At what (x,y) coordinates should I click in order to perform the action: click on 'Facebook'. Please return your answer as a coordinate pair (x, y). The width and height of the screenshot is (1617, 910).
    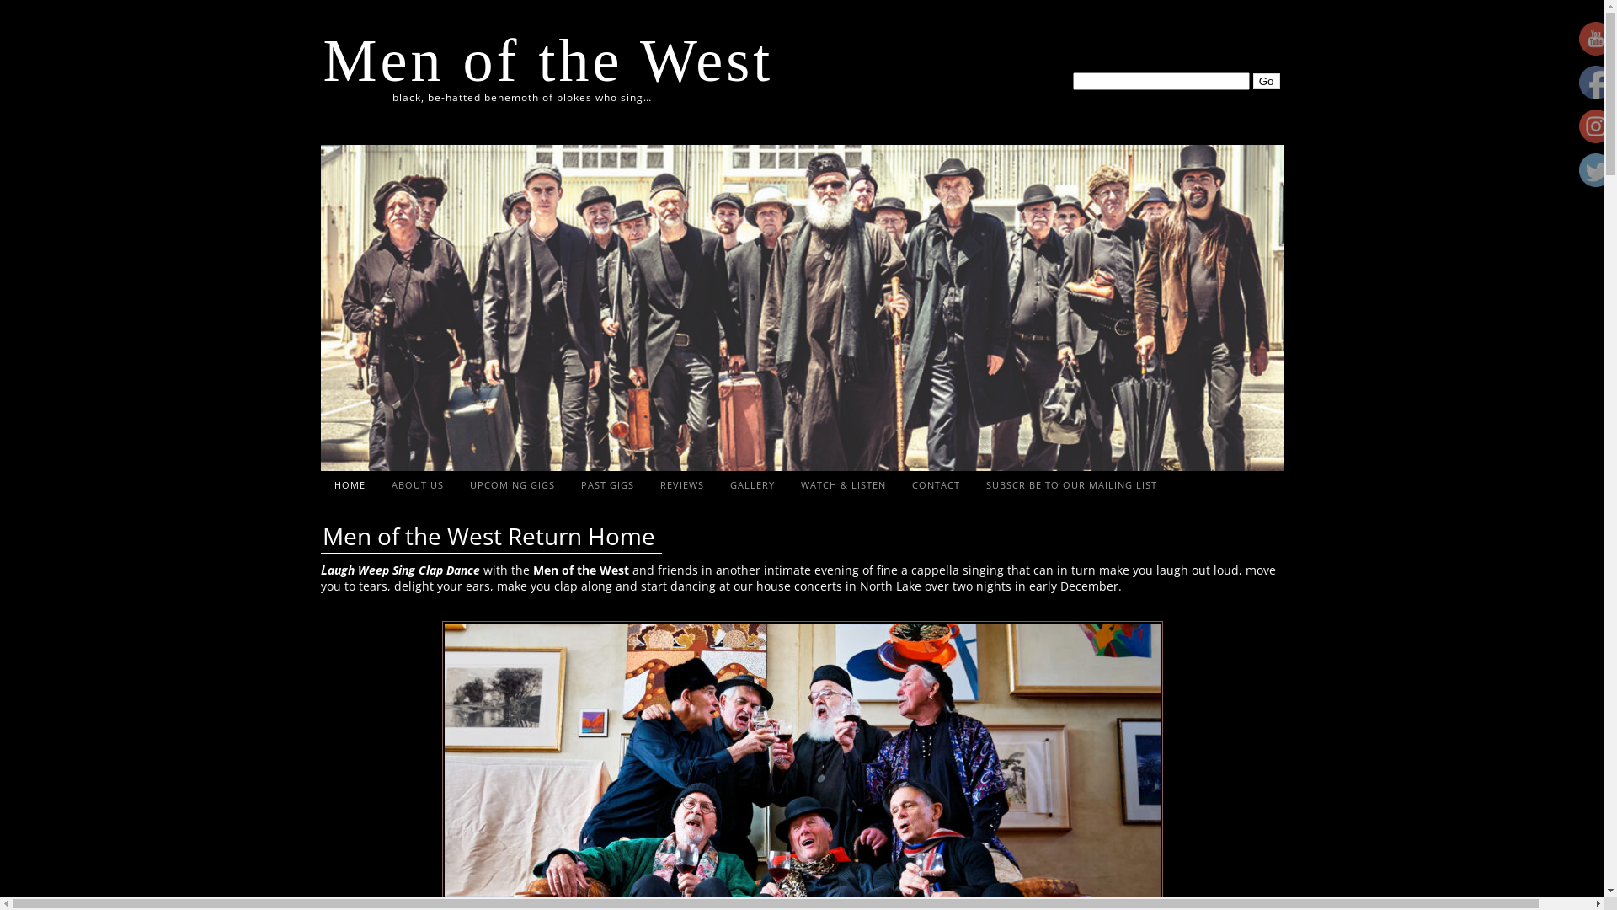
    Looking at the image, I should click on (1578, 82).